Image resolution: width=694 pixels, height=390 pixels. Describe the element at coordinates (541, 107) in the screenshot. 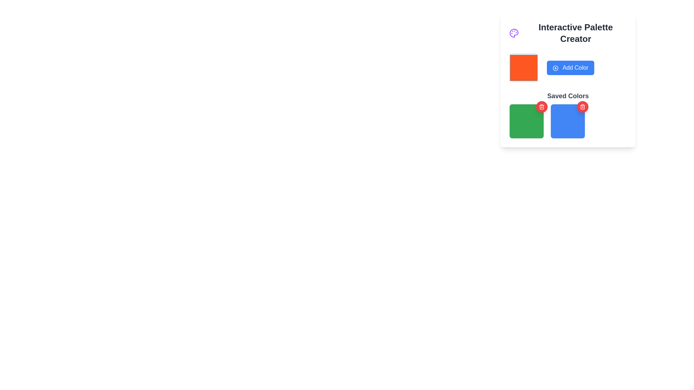

I see `the lower part of the trash bin icon, which is part of the SVG graphic representing the delete action, located below the 'Saved Colors' label and adjacent to the blue saved color square` at that location.